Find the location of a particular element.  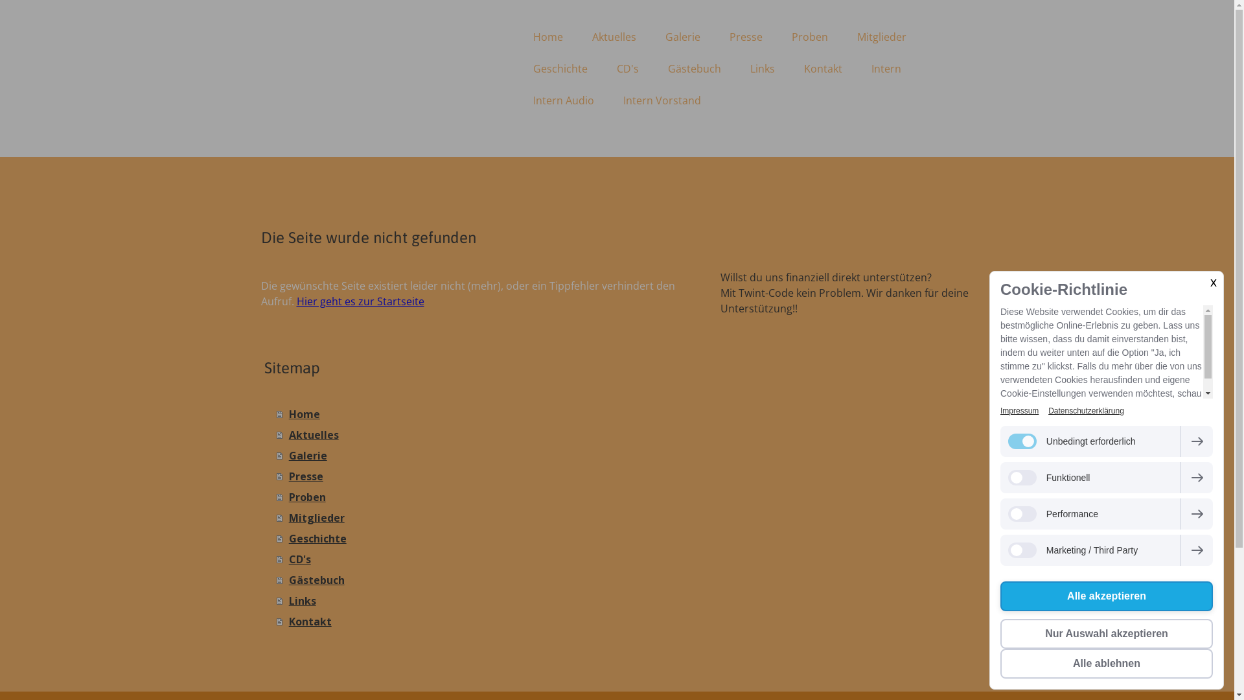

'Aktuelles' is located at coordinates (485, 435).